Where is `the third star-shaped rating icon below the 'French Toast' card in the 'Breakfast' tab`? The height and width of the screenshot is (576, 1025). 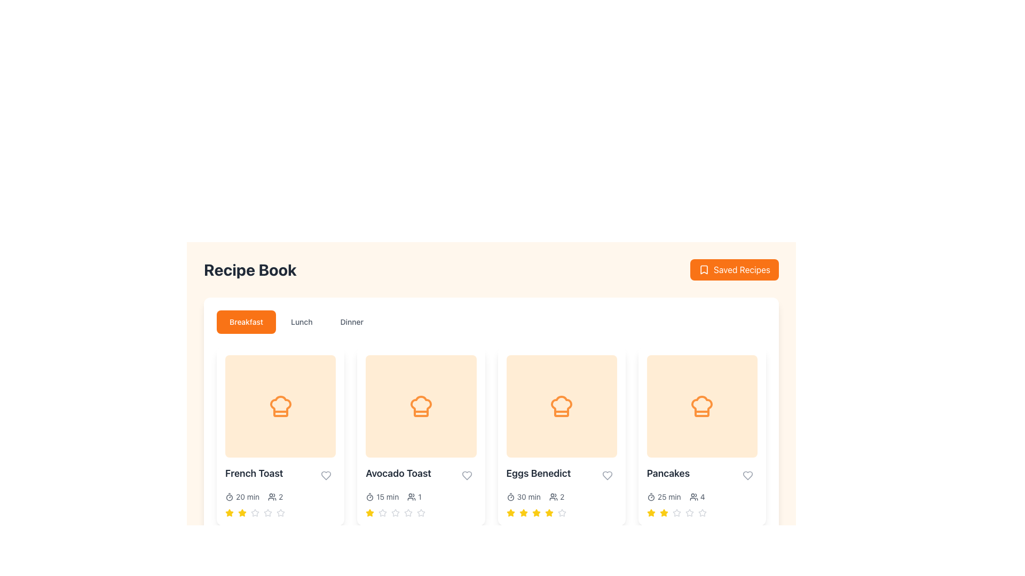
the third star-shaped rating icon below the 'French Toast' card in the 'Breakfast' tab is located at coordinates (268, 512).